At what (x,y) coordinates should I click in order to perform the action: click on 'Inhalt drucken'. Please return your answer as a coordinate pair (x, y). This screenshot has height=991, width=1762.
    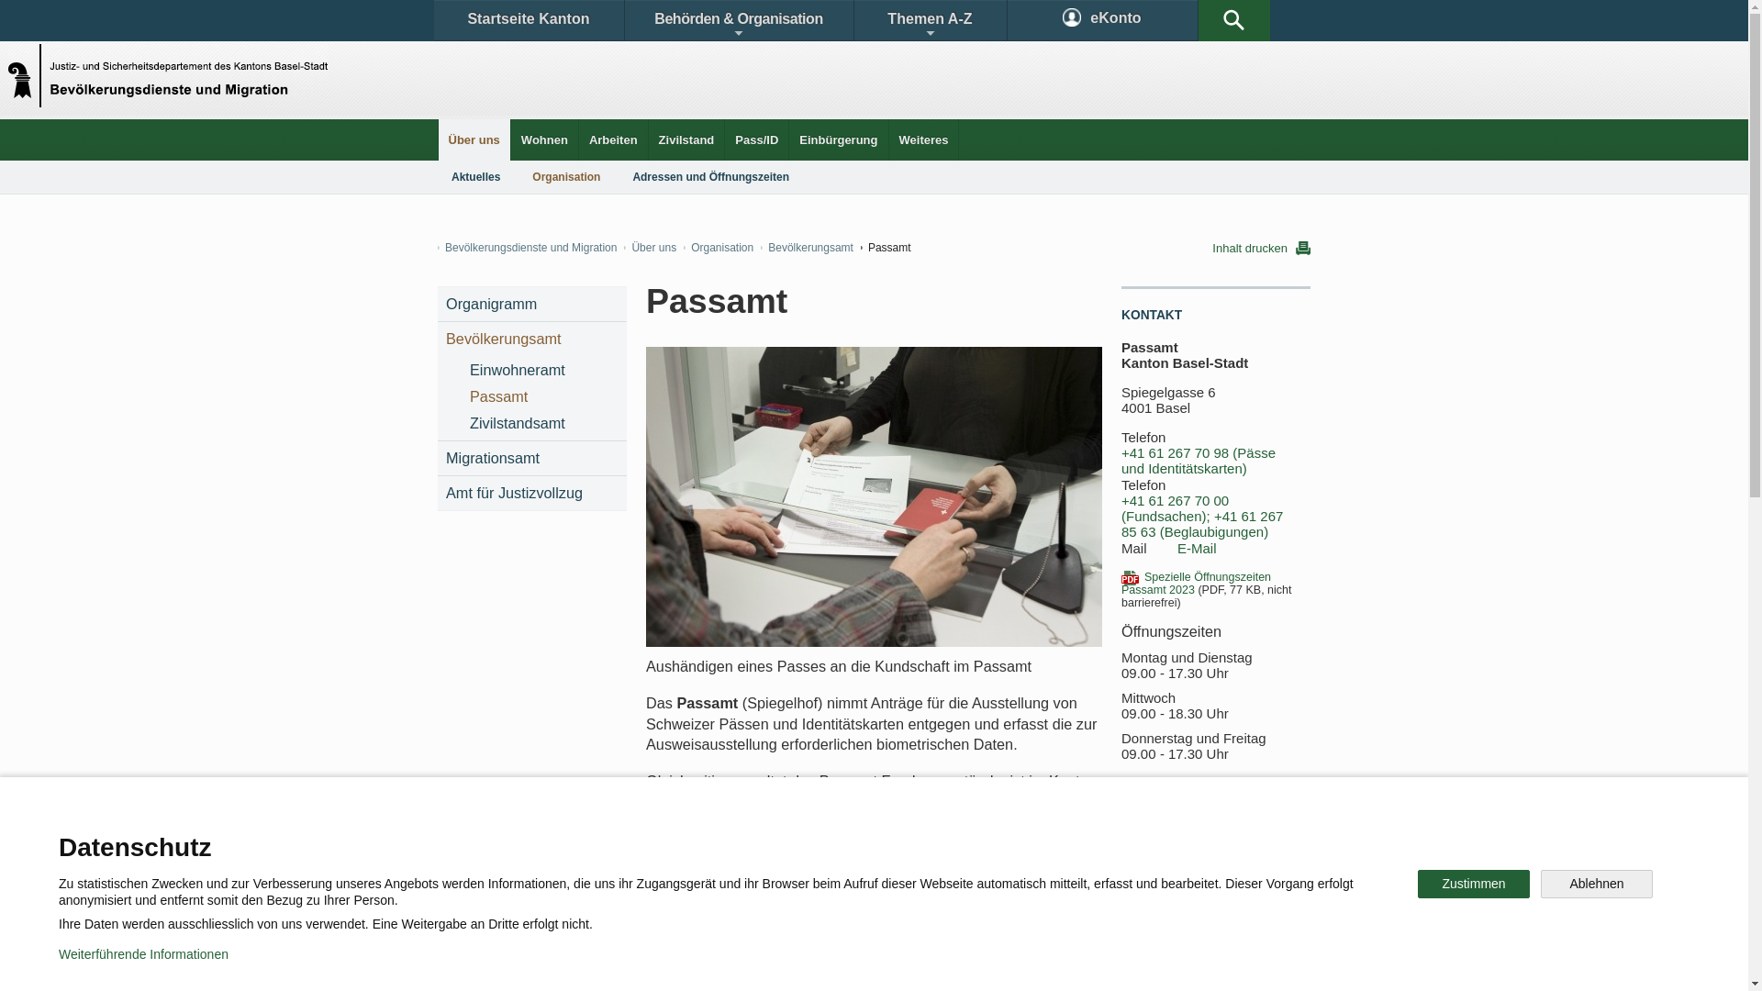
    Looking at the image, I should click on (1260, 248).